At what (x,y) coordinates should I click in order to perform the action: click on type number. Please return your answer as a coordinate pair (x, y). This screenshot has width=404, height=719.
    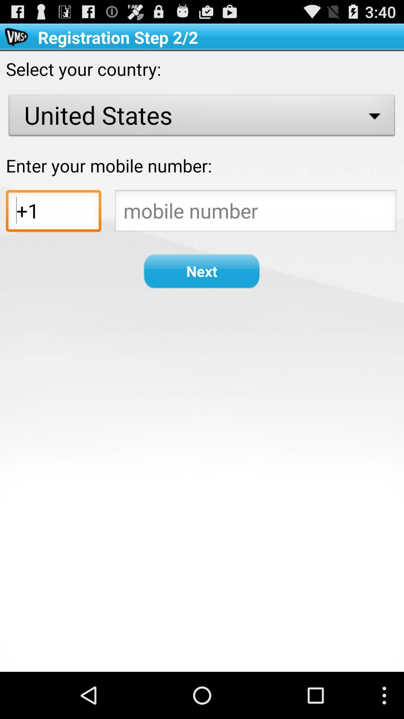
    Looking at the image, I should click on (255, 212).